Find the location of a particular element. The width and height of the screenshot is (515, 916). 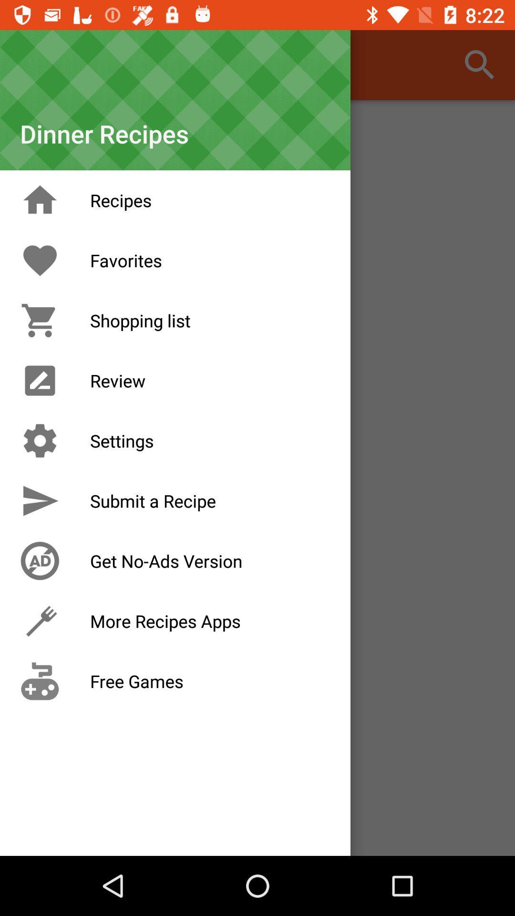

the cart icon is located at coordinates (40, 321).